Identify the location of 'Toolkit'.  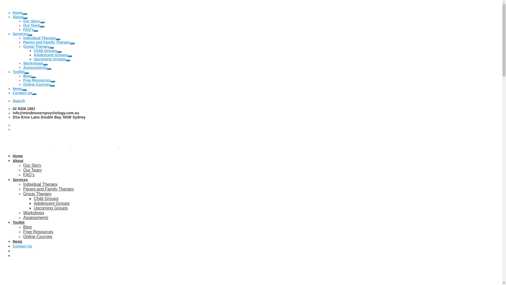
(18, 72).